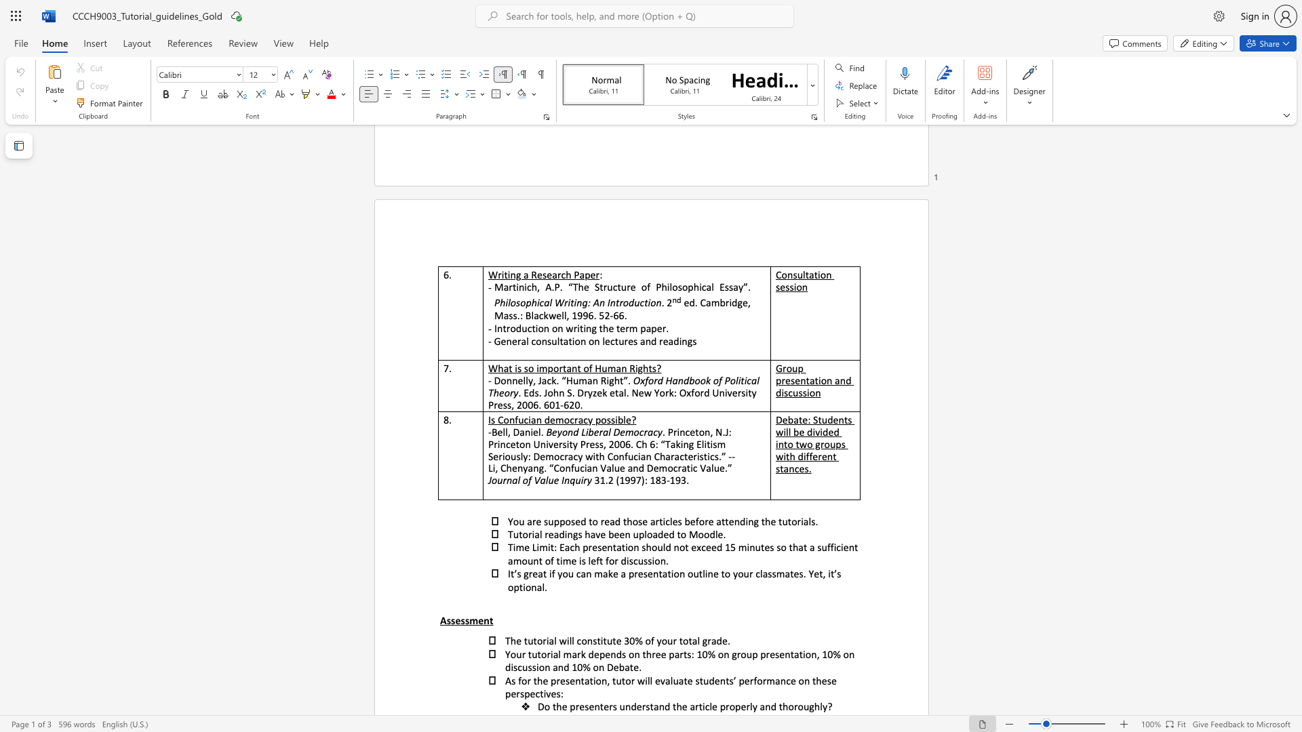 The width and height of the screenshot is (1302, 732). What do you see at coordinates (565, 521) in the screenshot?
I see `the subset text "osed to read those articles before" within the text "You are supposed to read those articles before attending the tutorials."` at bounding box center [565, 521].